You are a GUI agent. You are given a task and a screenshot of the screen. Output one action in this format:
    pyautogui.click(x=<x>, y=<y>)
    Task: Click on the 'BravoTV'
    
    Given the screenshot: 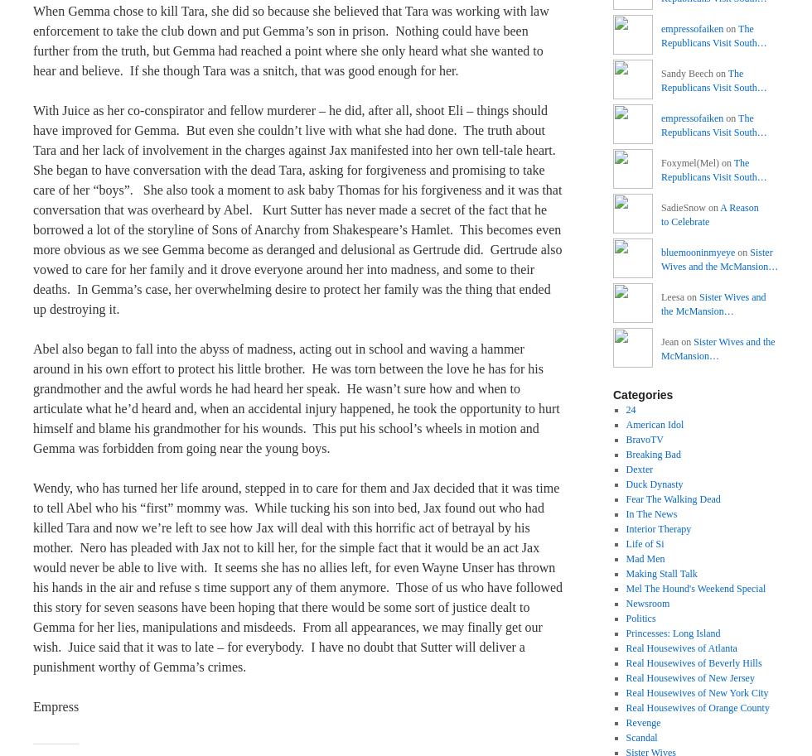 What is the action you would take?
    pyautogui.click(x=625, y=438)
    